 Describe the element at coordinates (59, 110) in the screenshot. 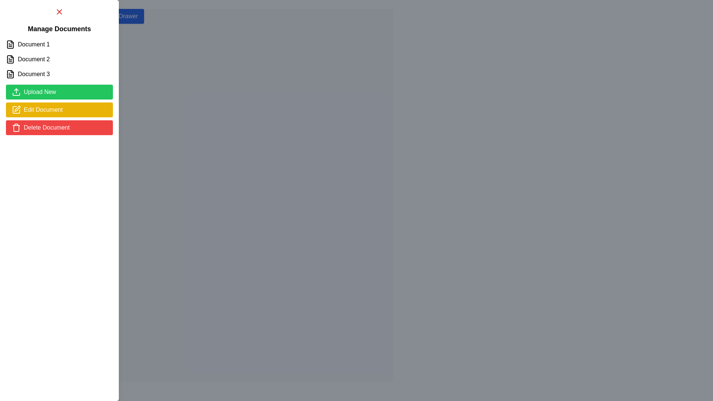

I see `the 'Delete Document' button, which is part of a grouped set of interactive buttons located in the lower half of the left panel under 'Manage Documents.'` at that location.